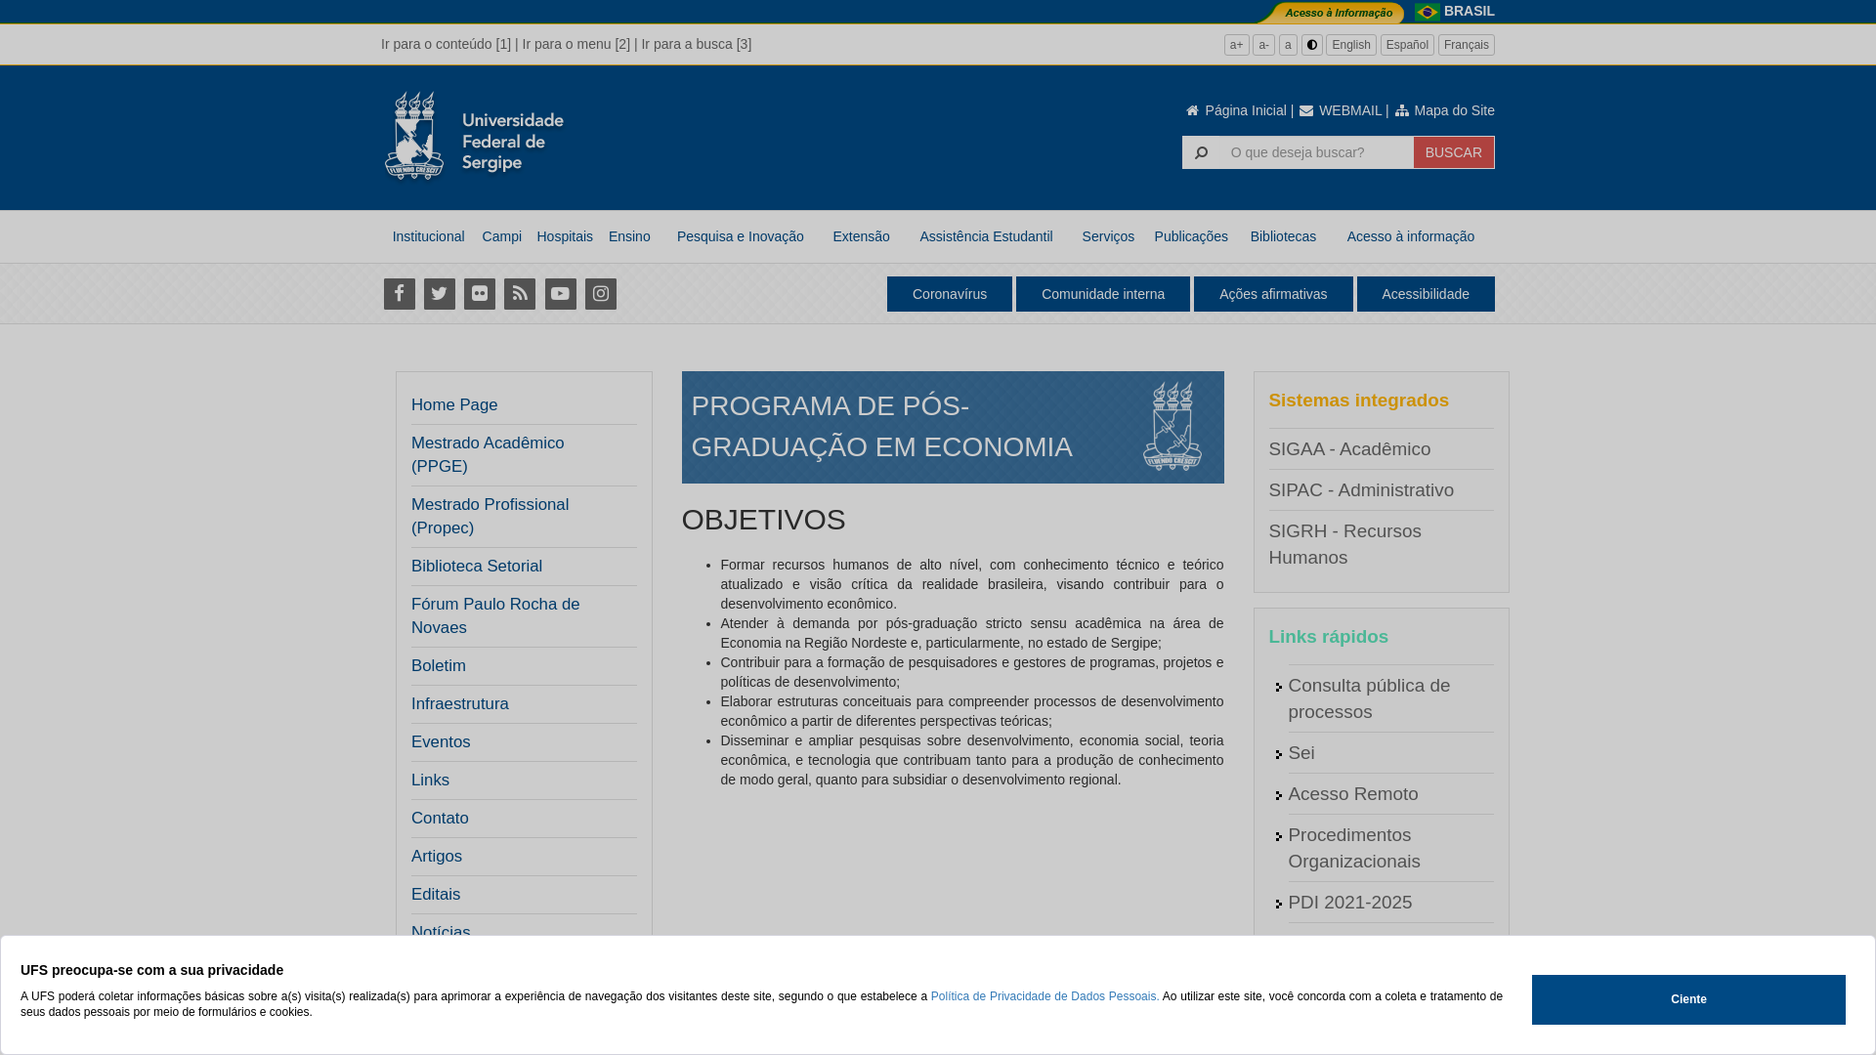 This screenshot has height=1055, width=1876. Describe the element at coordinates (518, 515) in the screenshot. I see `'Mestrado Profissional (Propec)'` at that location.